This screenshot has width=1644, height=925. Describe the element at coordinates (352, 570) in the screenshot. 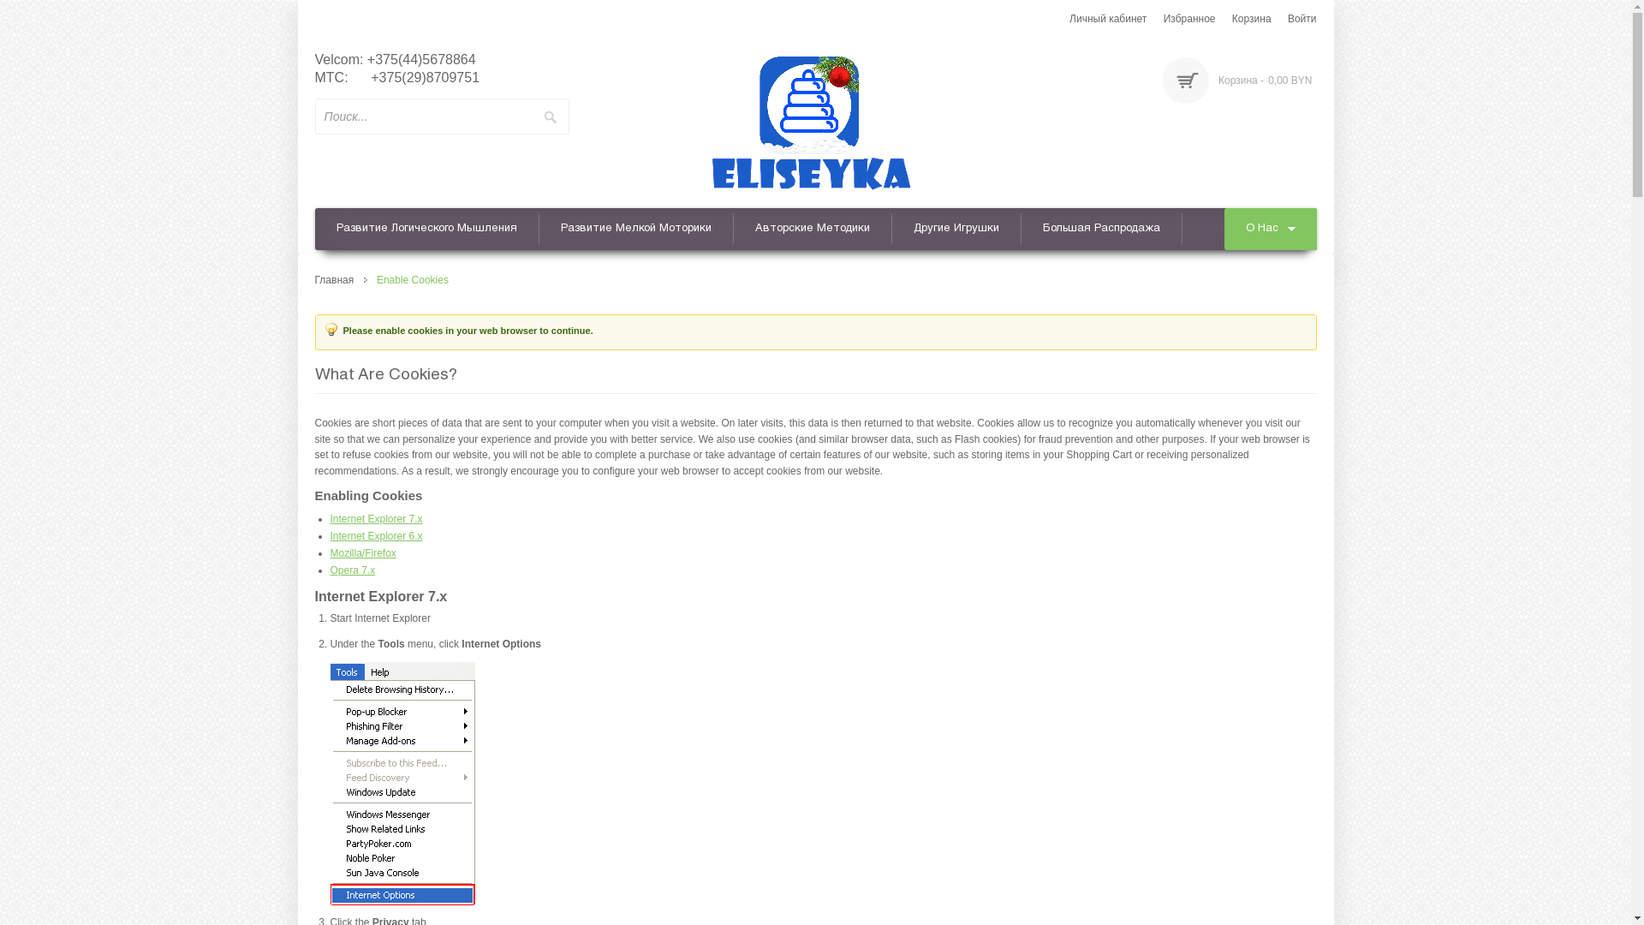

I see `'Opera 7.x'` at that location.